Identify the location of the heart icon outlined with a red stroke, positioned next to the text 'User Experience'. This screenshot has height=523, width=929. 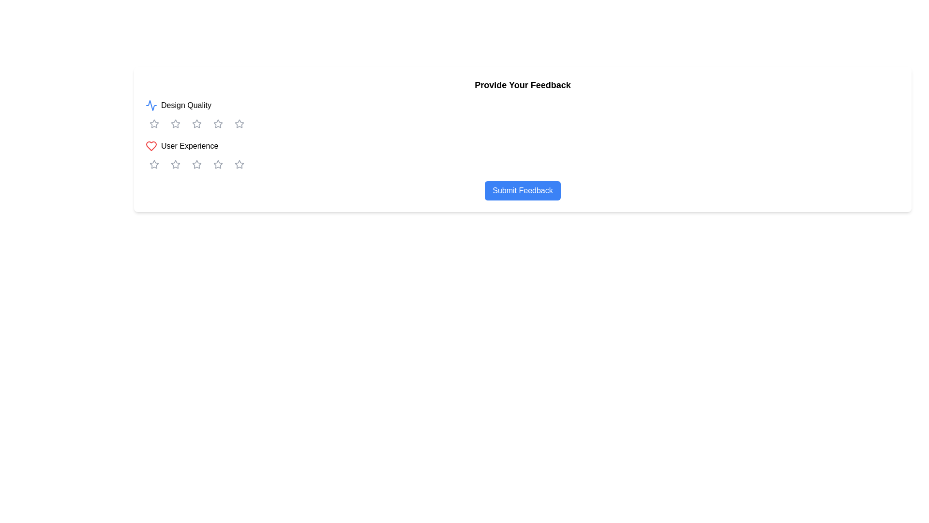
(150, 146).